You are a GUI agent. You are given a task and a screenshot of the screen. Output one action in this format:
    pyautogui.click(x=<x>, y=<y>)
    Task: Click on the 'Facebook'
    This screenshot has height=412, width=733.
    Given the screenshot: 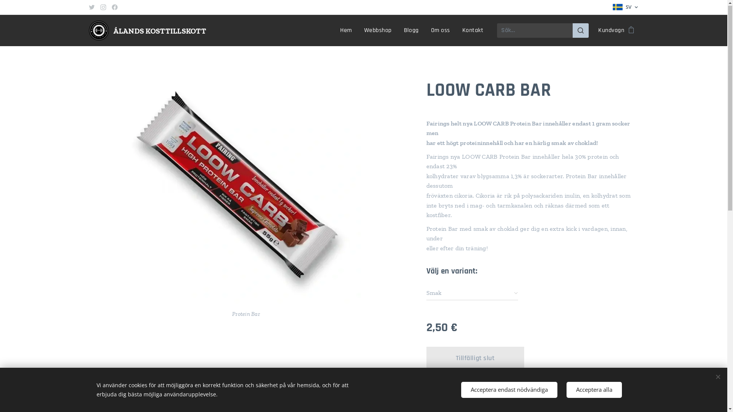 What is the action you would take?
    pyautogui.click(x=114, y=7)
    